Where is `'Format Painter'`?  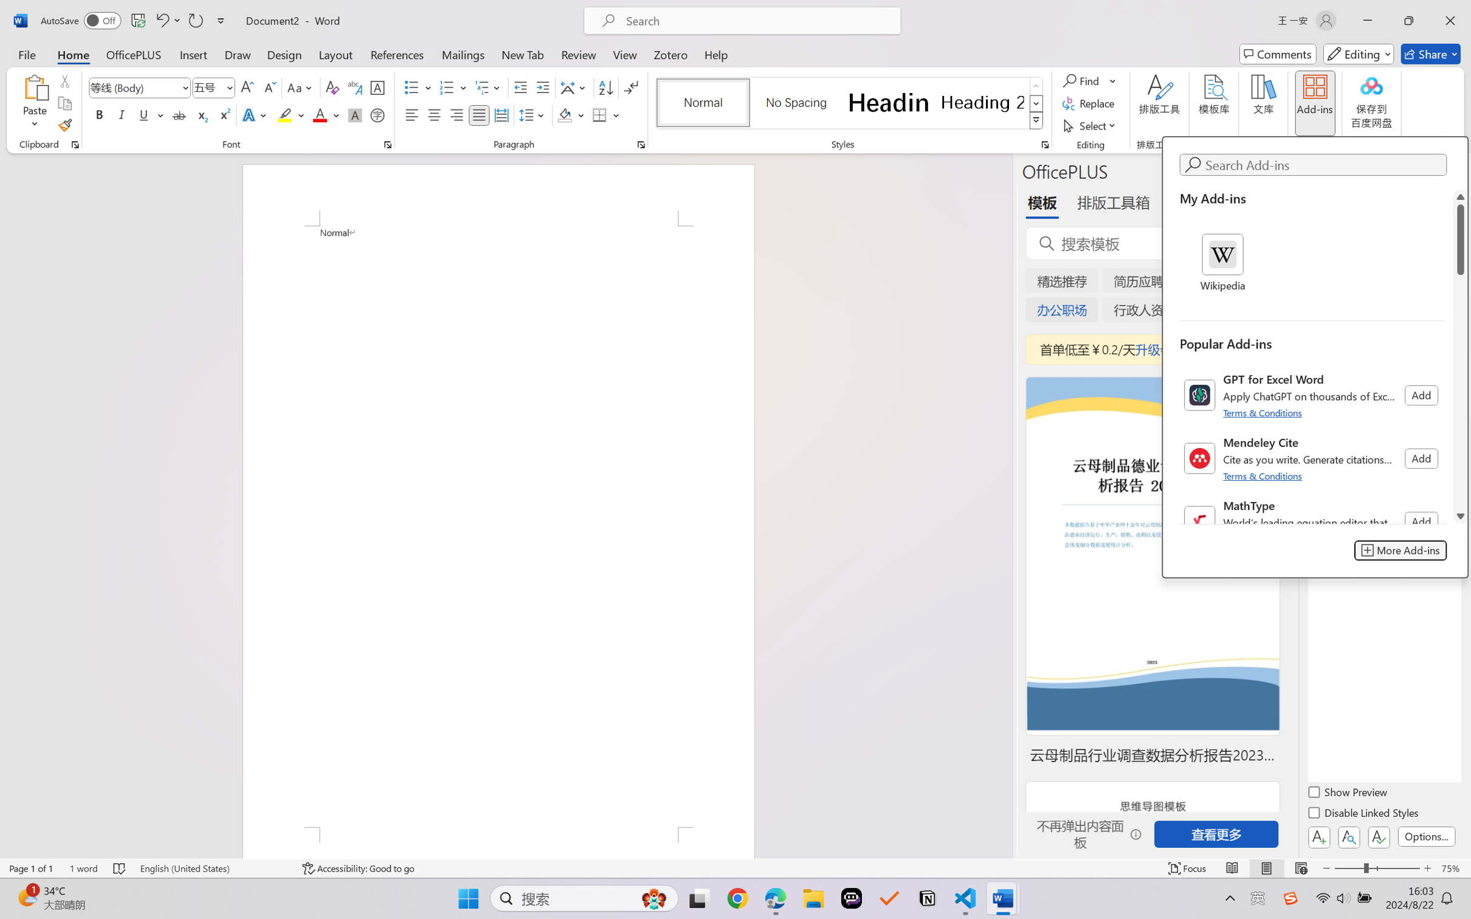 'Format Painter' is located at coordinates (64, 126).